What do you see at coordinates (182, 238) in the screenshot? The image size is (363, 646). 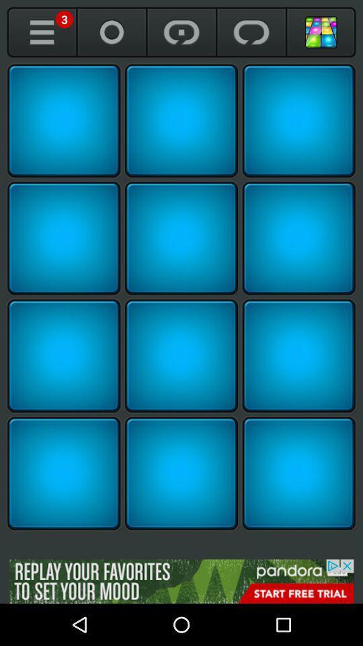 I see `square` at bounding box center [182, 238].